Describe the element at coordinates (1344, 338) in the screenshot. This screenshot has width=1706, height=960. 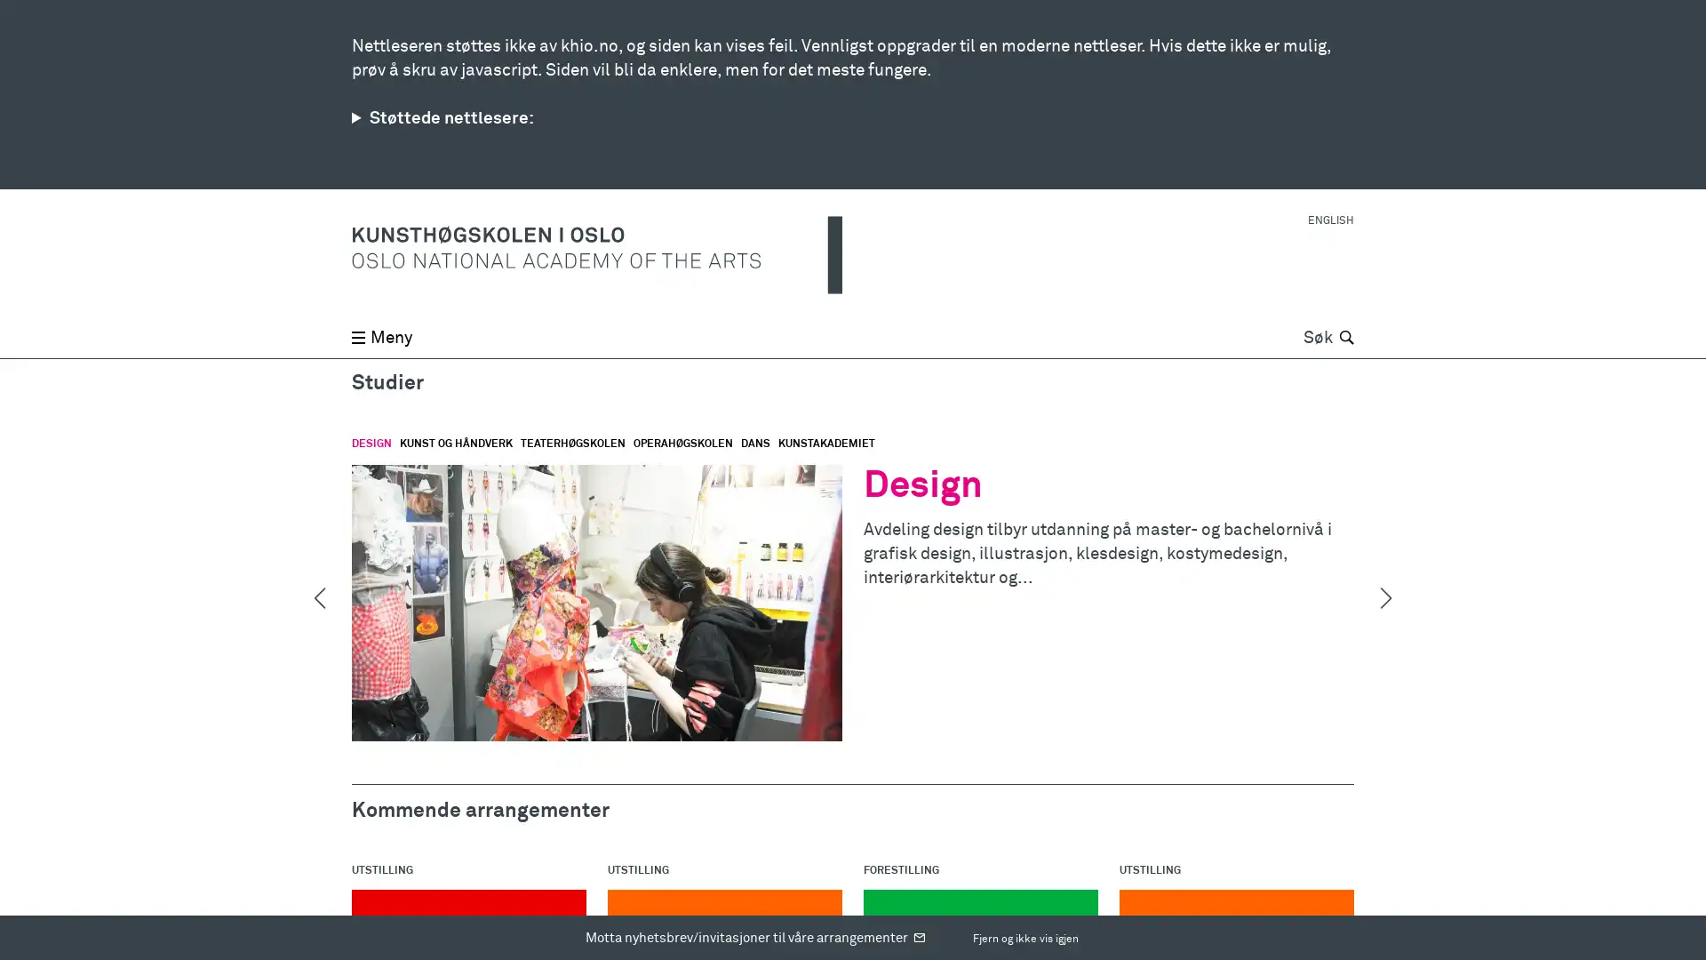
I see `Sk` at that location.